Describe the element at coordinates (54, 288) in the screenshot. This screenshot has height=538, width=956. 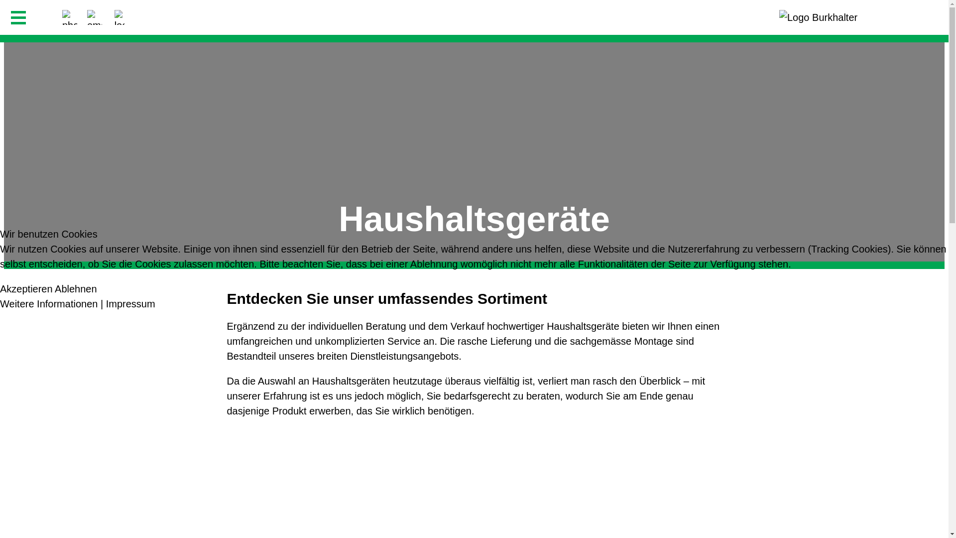
I see `'Ablehnen'` at that location.